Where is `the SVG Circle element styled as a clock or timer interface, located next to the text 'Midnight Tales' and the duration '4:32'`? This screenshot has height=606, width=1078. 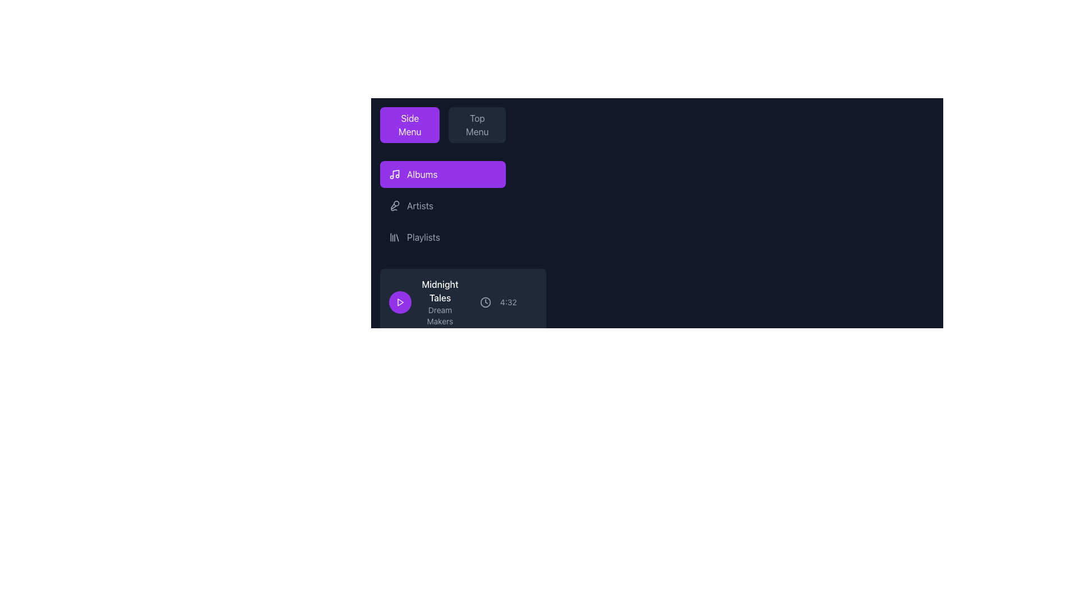 the SVG Circle element styled as a clock or timer interface, located next to the text 'Midnight Tales' and the duration '4:32' is located at coordinates (485, 302).